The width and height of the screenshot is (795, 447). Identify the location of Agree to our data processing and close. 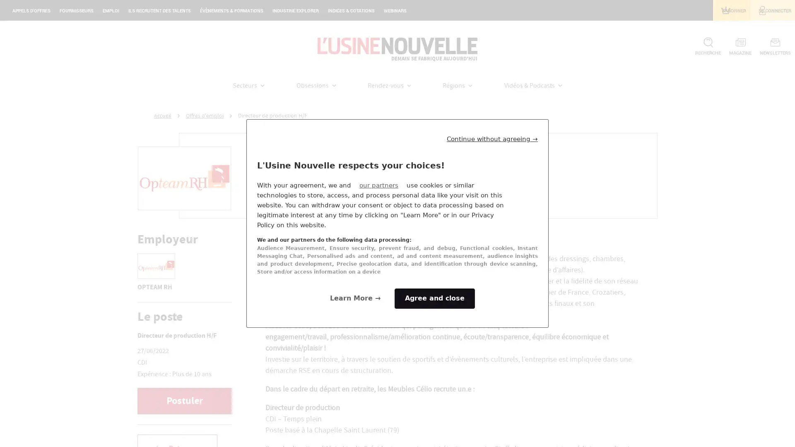
(434, 298).